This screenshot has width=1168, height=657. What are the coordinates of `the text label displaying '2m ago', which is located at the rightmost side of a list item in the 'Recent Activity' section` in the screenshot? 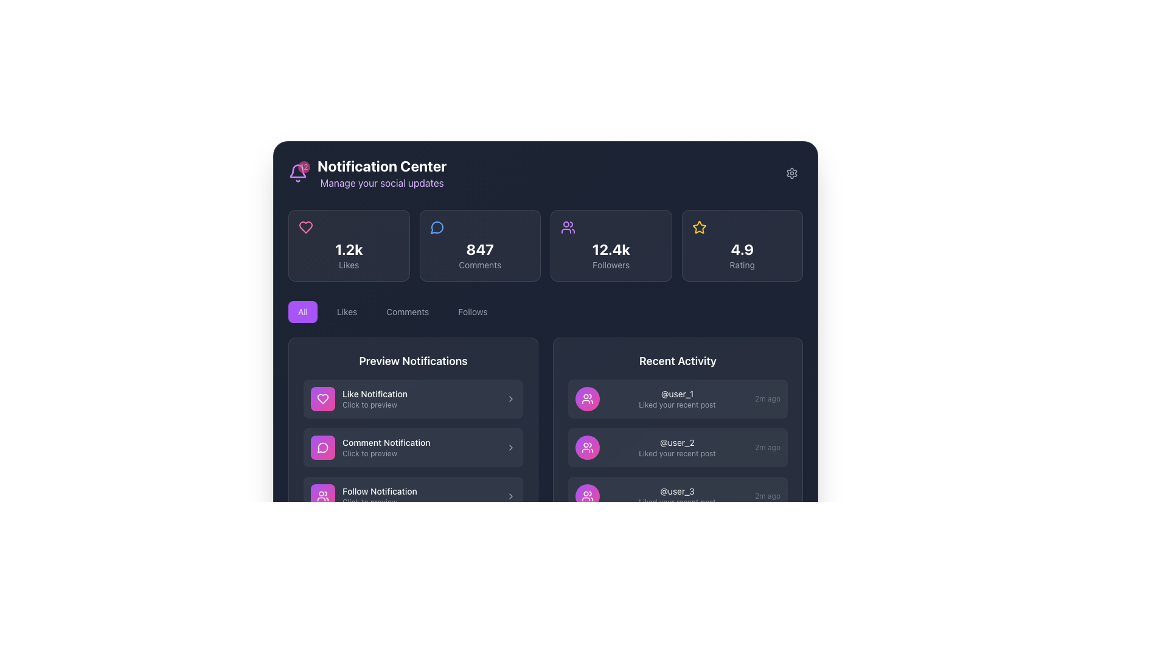 It's located at (767, 496).